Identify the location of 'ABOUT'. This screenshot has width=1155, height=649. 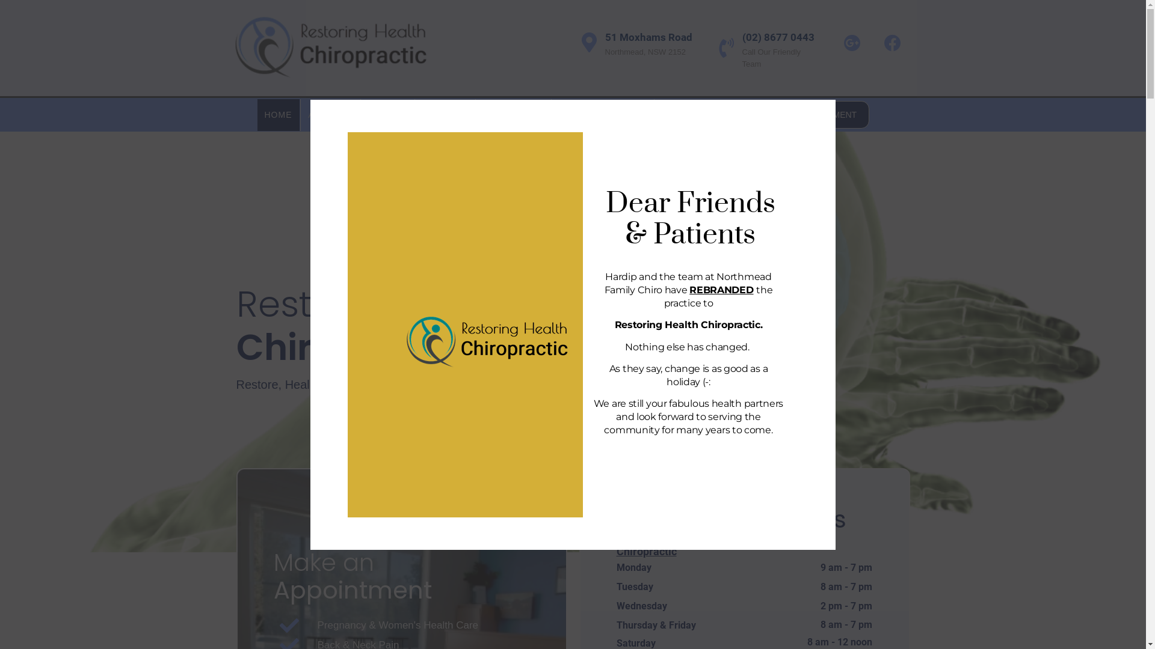
(330, 114).